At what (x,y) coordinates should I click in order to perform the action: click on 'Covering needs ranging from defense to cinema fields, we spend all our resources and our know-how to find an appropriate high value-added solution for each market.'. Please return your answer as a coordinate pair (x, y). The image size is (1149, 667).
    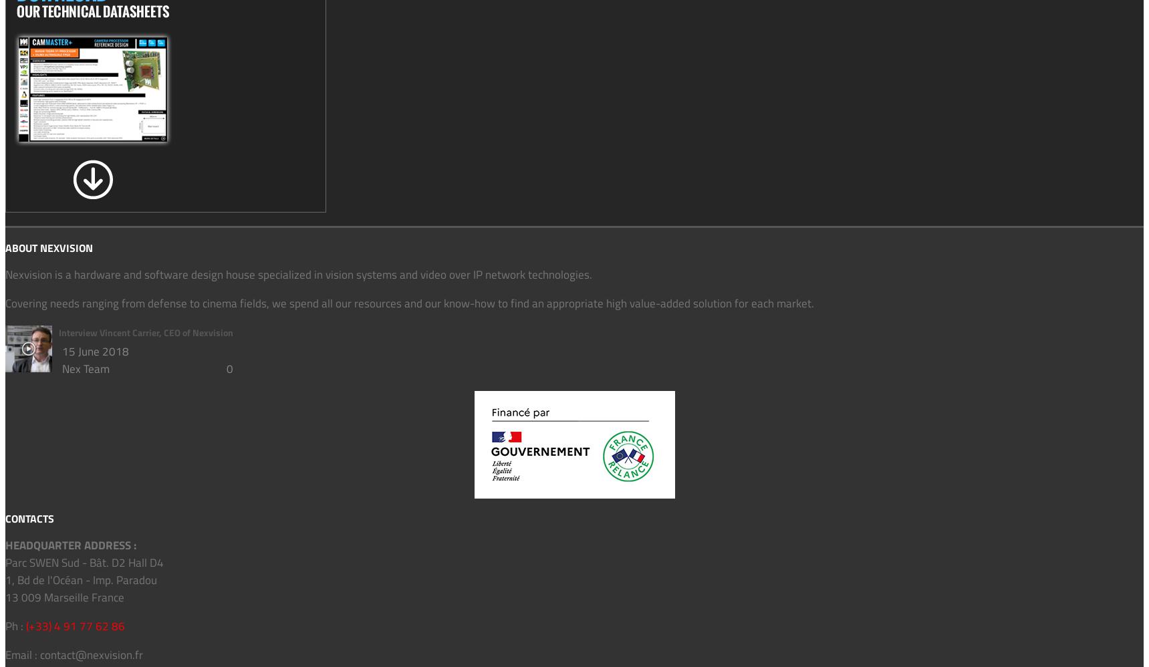
    Looking at the image, I should click on (409, 301).